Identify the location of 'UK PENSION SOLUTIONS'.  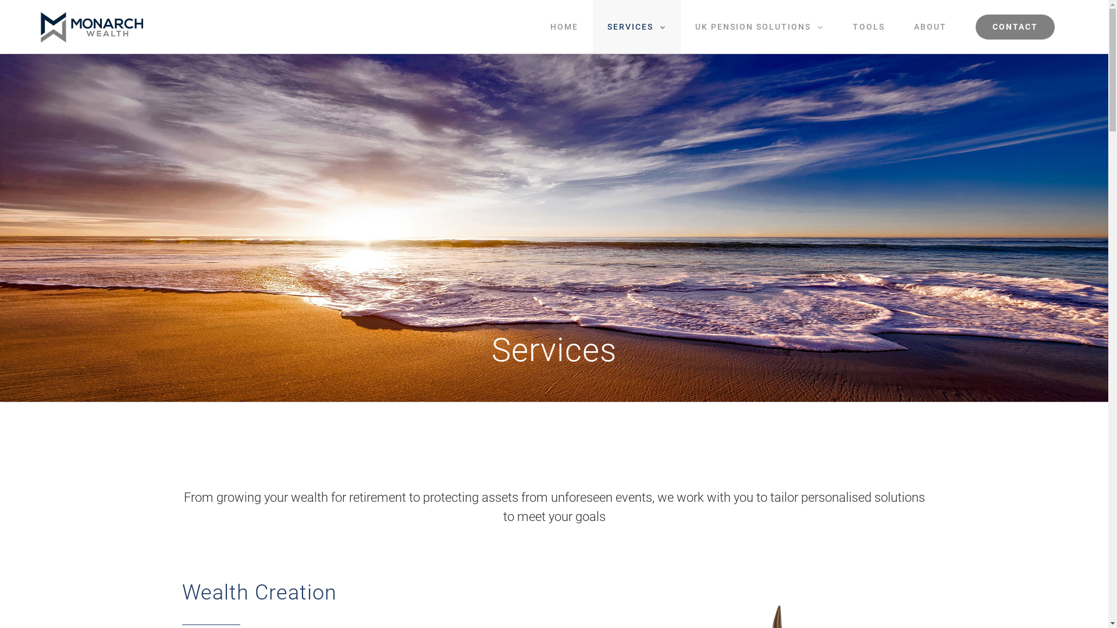
(759, 26).